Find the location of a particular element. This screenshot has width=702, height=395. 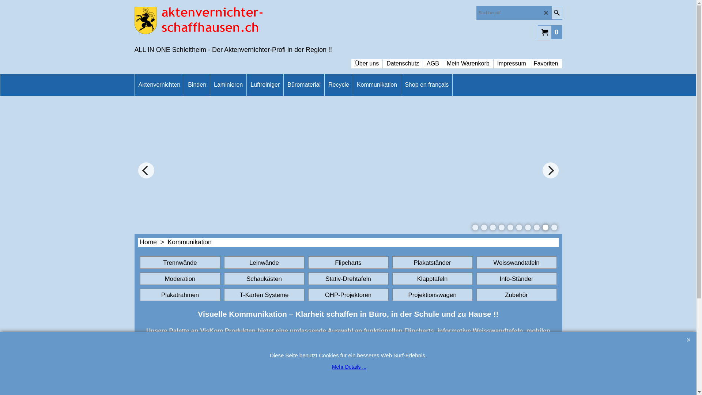

'LD_CANCEL' is located at coordinates (546, 13).